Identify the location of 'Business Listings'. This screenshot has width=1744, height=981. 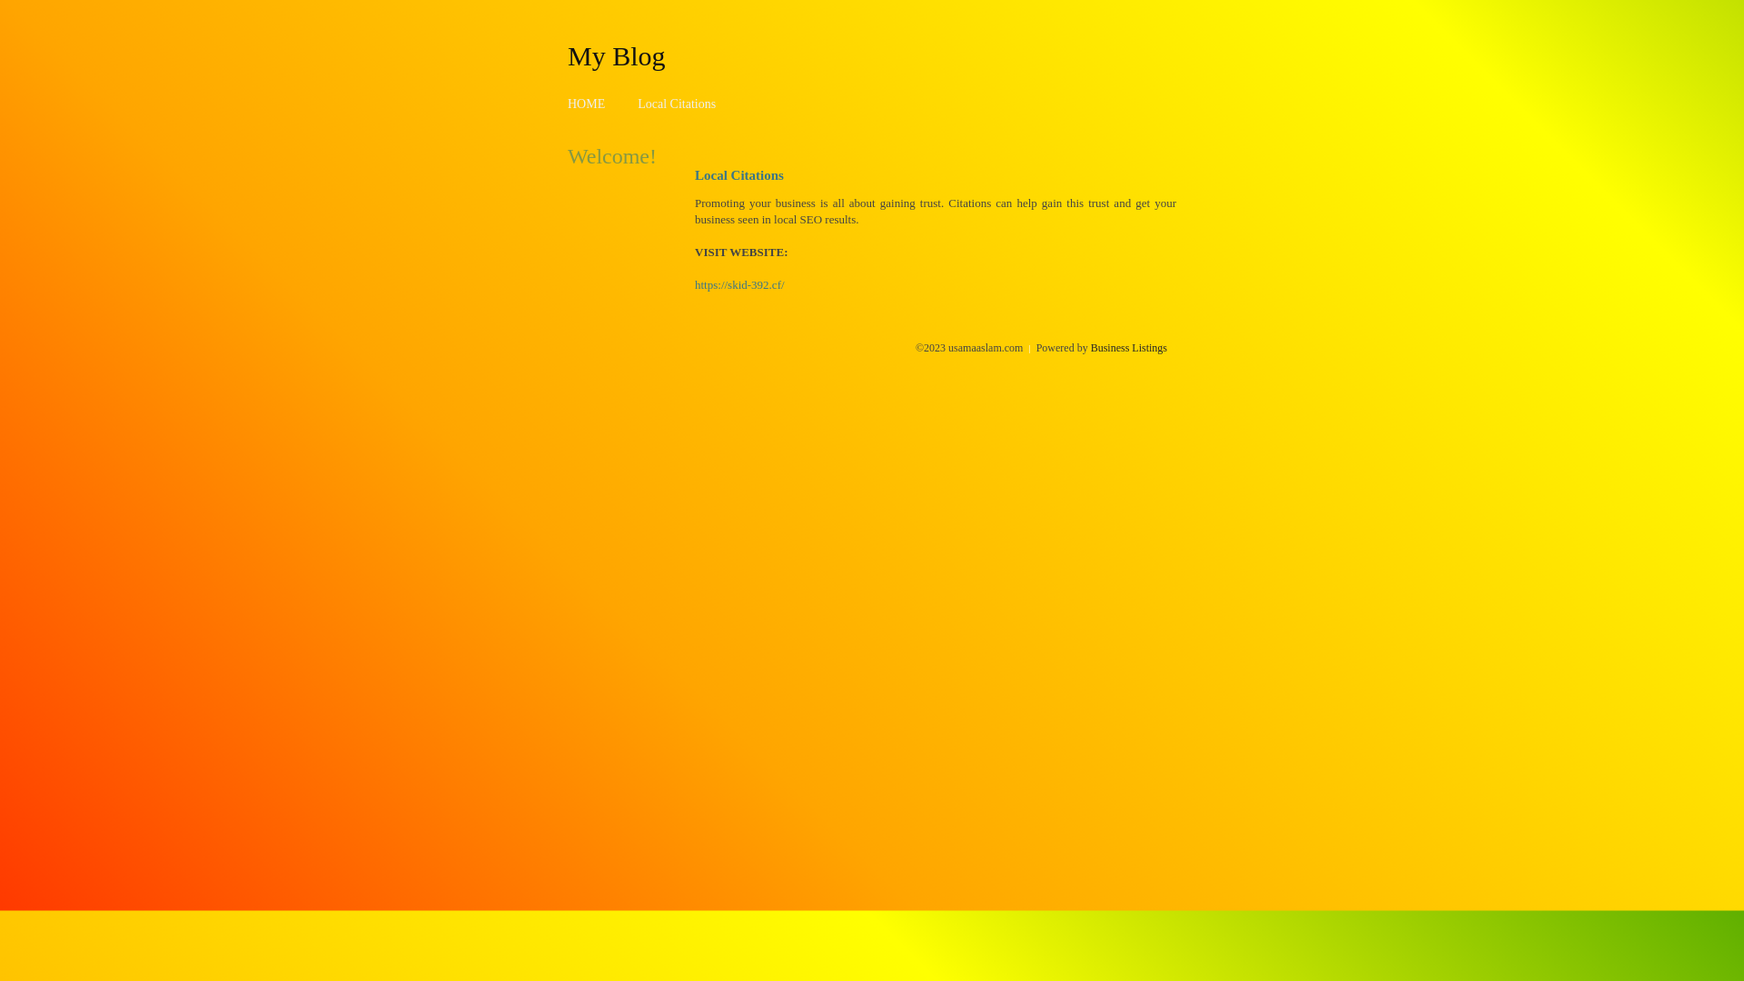
(1128, 347).